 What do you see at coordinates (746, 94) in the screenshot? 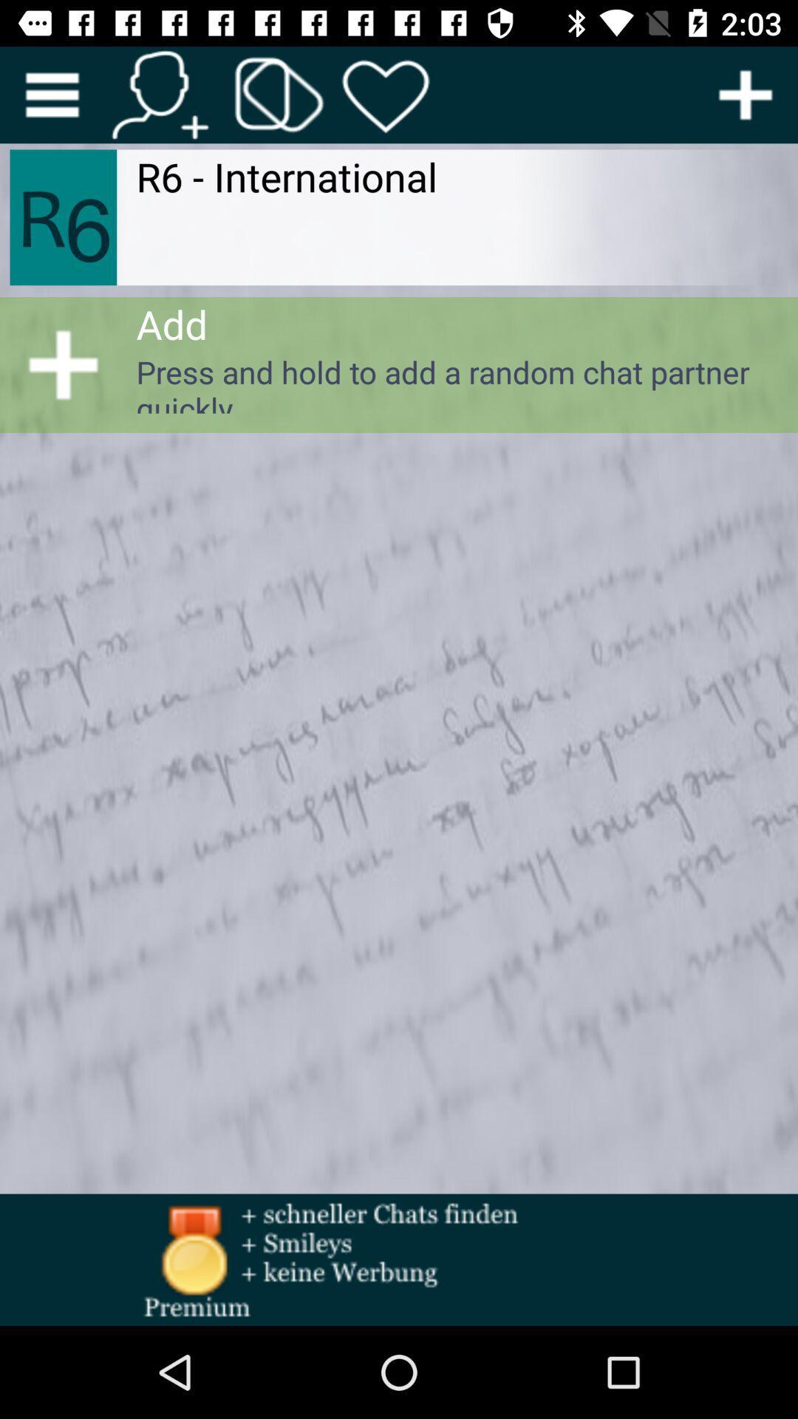
I see `more optings` at bounding box center [746, 94].